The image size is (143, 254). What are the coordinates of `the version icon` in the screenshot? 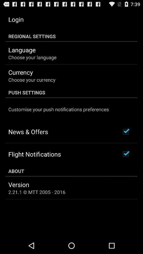 It's located at (19, 184).